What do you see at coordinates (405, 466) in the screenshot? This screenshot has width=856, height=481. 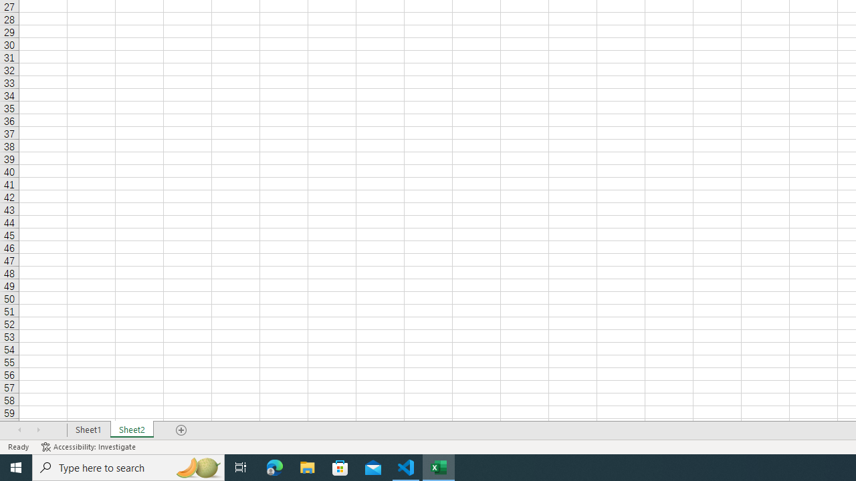 I see `'Visual Studio Code - 1 running window'` at bounding box center [405, 466].